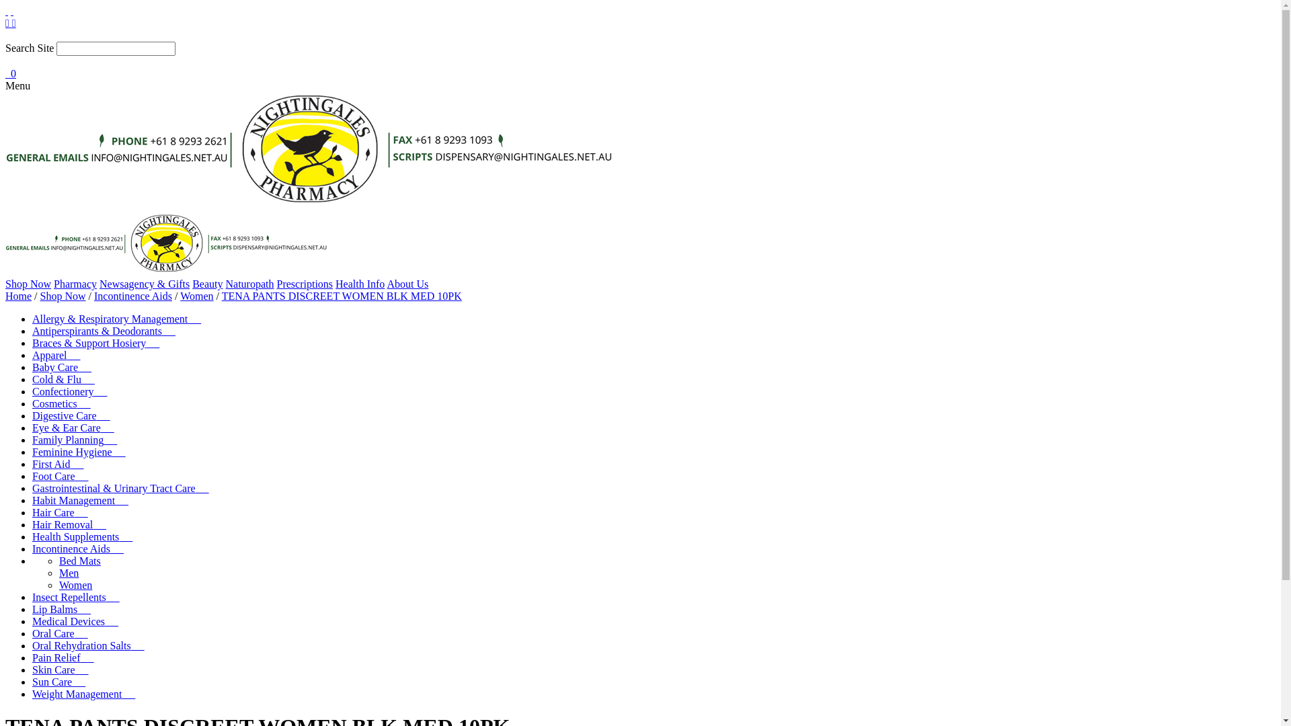 Image resolution: width=1291 pixels, height=726 pixels. Describe the element at coordinates (61, 403) in the screenshot. I see `'Cosmetics     '` at that location.